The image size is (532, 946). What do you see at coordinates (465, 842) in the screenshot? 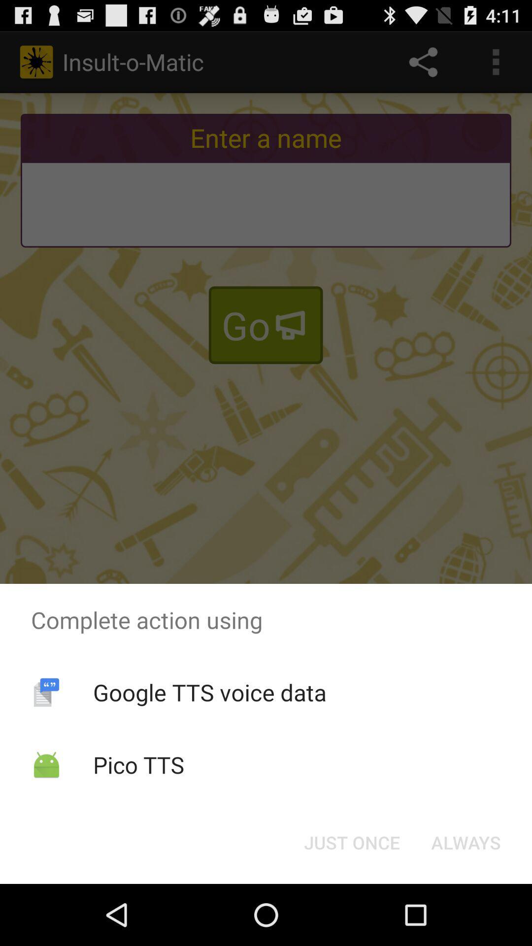
I see `the always button` at bounding box center [465, 842].